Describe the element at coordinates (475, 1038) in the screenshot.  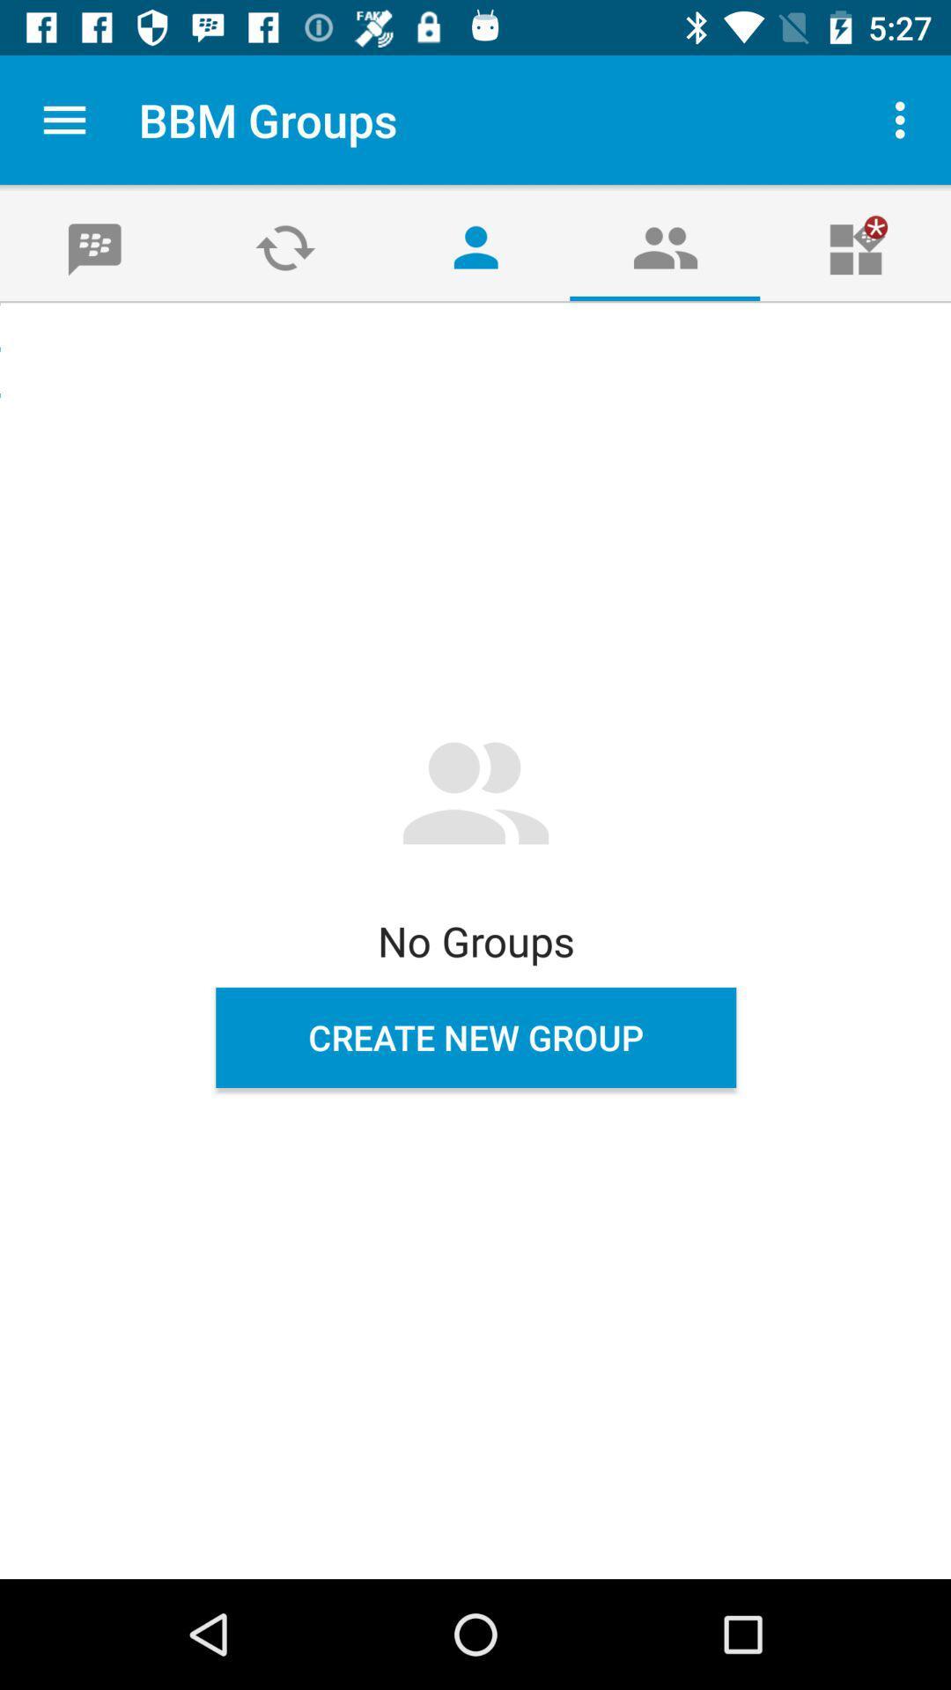
I see `the icon below the no groups` at that location.